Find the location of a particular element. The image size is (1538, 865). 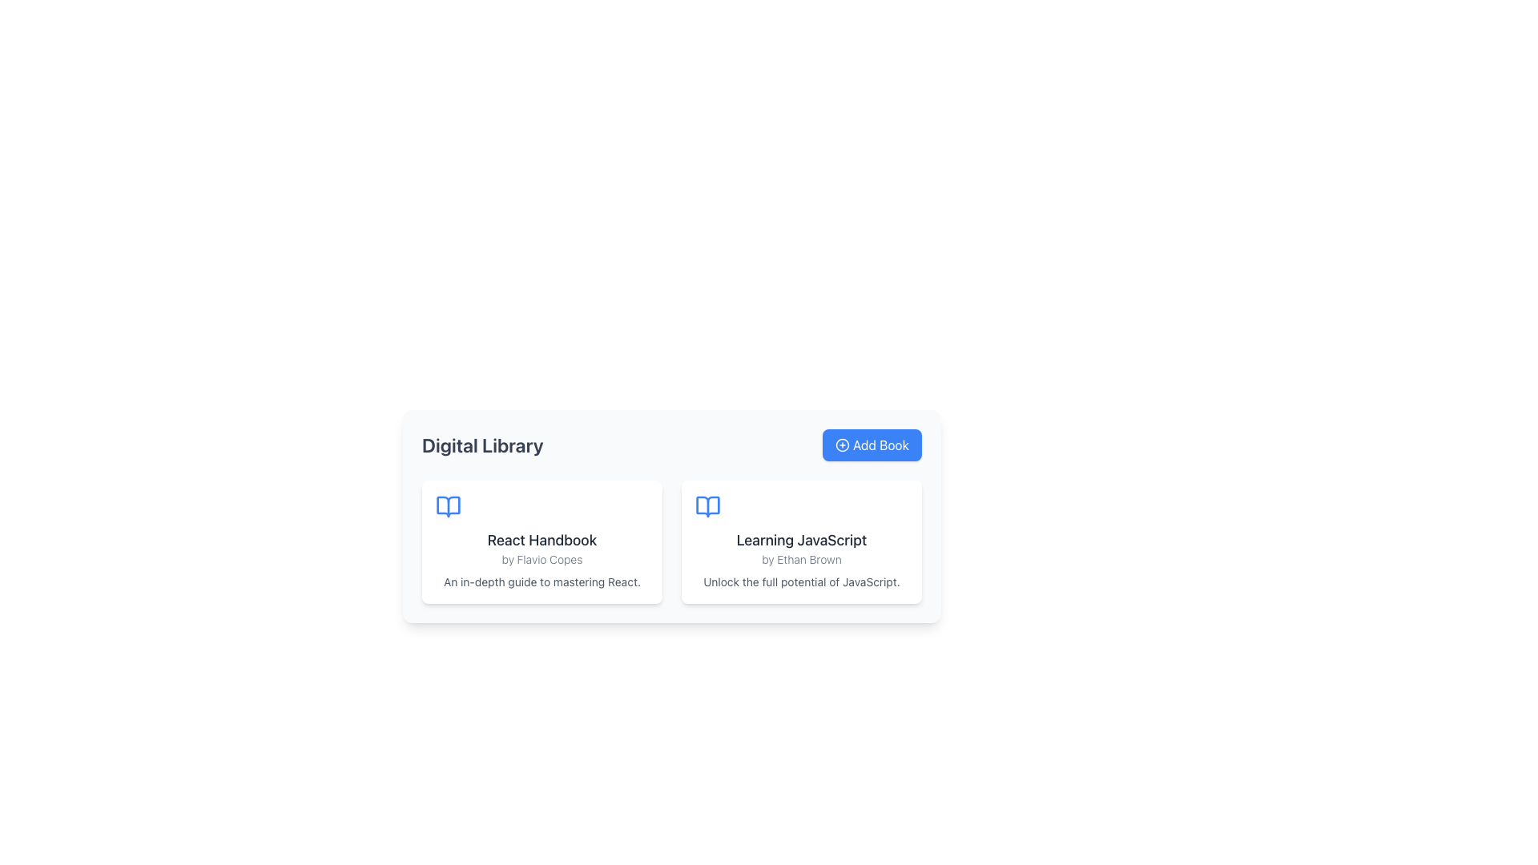

the 'React Handbook' card, which has a white background and a blue book icon is located at coordinates (542, 541).